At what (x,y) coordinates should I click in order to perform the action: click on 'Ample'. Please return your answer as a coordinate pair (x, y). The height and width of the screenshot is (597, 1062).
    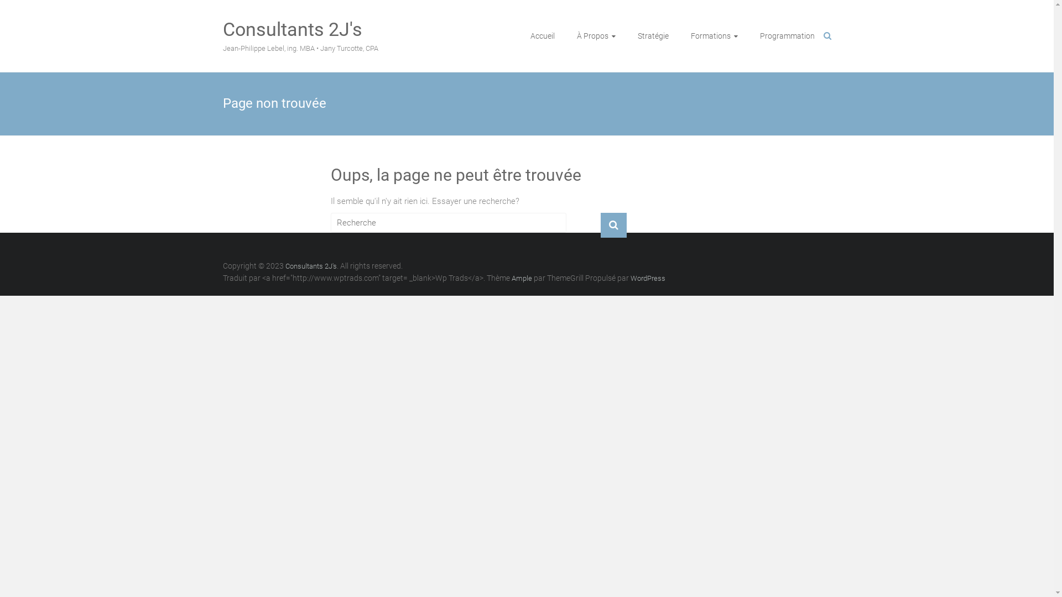
    Looking at the image, I should click on (520, 277).